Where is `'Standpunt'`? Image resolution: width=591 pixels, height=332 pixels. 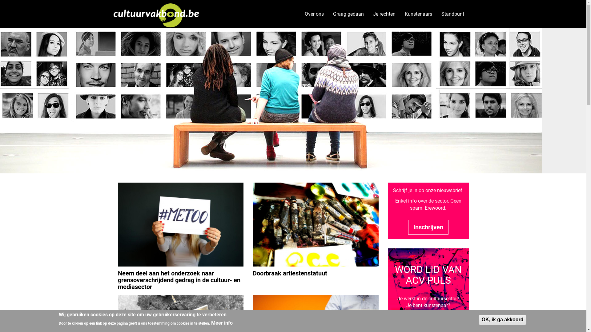 'Standpunt' is located at coordinates (452, 14).